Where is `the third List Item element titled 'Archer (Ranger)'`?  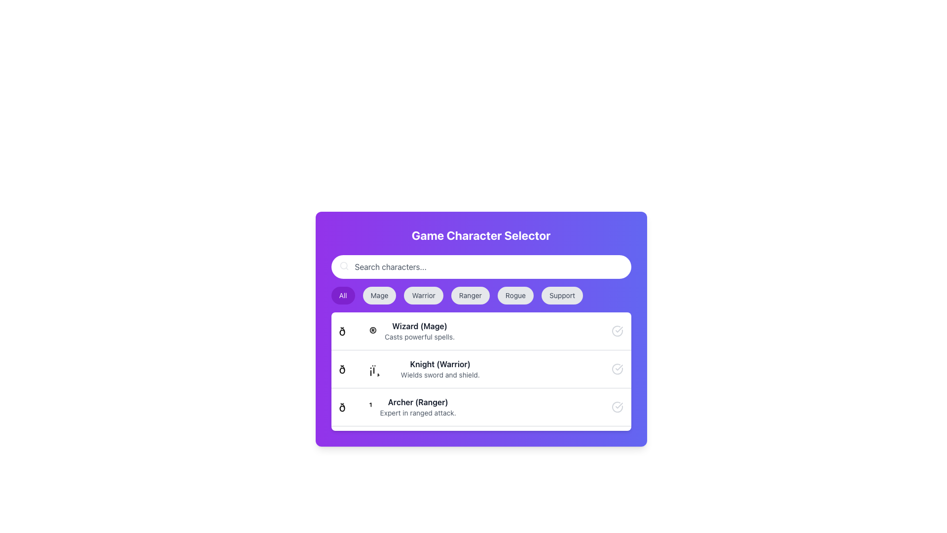
the third List Item element titled 'Archer (Ranger)' is located at coordinates (398, 407).